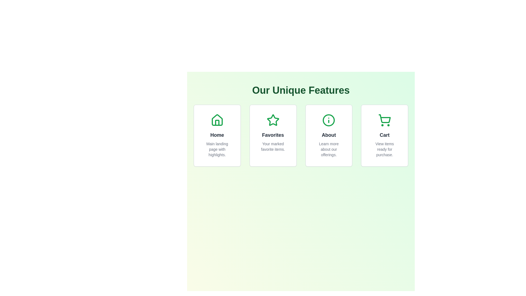 This screenshot has width=526, height=296. What do you see at coordinates (217, 149) in the screenshot?
I see `the descriptive text label that explains the functionality of the 'Home' card within the 'Our Unique Features' section` at bounding box center [217, 149].